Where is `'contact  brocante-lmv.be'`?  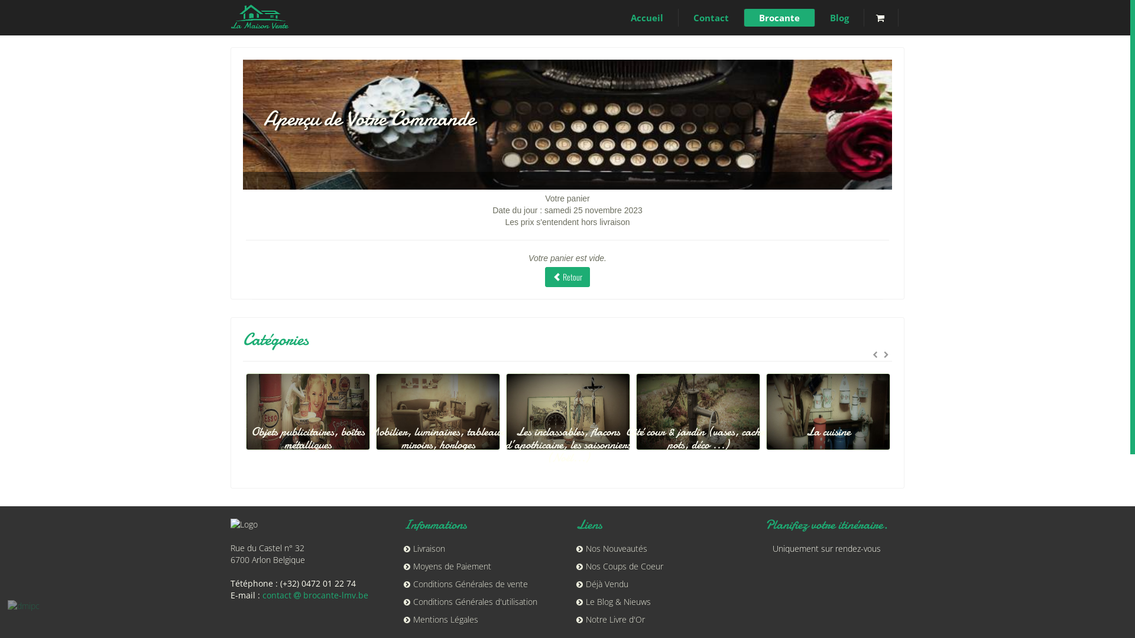 'contact  brocante-lmv.be' is located at coordinates (315, 595).